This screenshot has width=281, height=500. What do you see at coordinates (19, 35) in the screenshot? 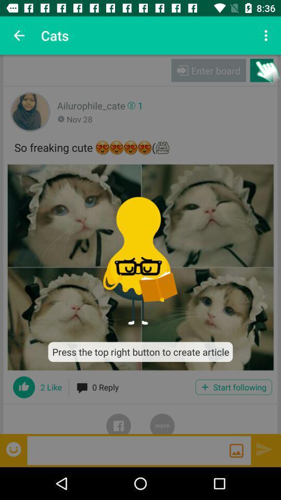
I see `the icon next to the cats app` at bounding box center [19, 35].